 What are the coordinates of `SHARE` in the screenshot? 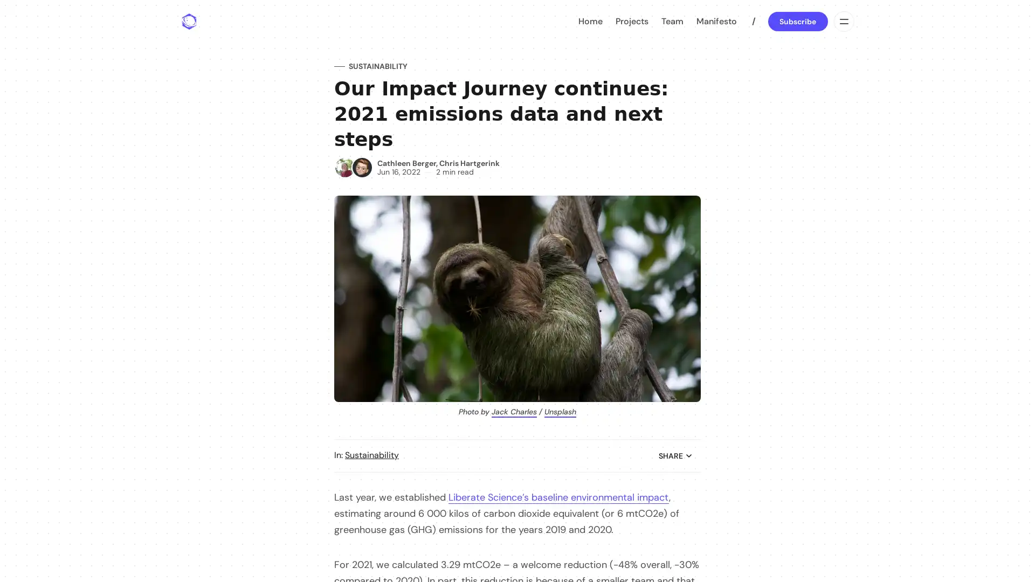 It's located at (675, 455).